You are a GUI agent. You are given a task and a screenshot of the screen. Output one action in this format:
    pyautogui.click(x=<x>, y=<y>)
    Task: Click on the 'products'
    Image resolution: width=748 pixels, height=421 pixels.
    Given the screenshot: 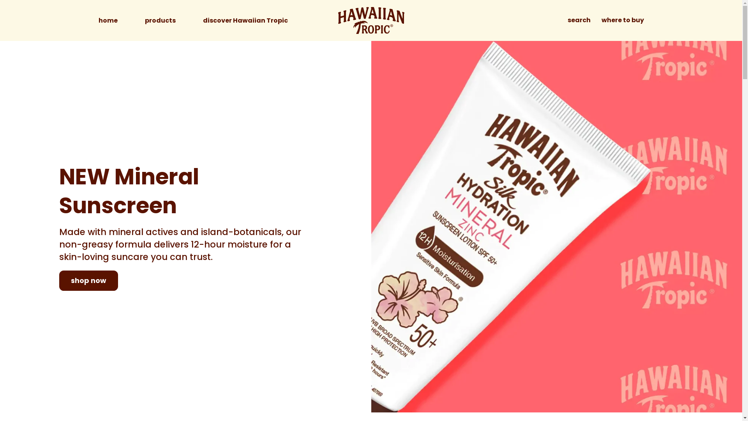 What is the action you would take?
    pyautogui.click(x=160, y=20)
    